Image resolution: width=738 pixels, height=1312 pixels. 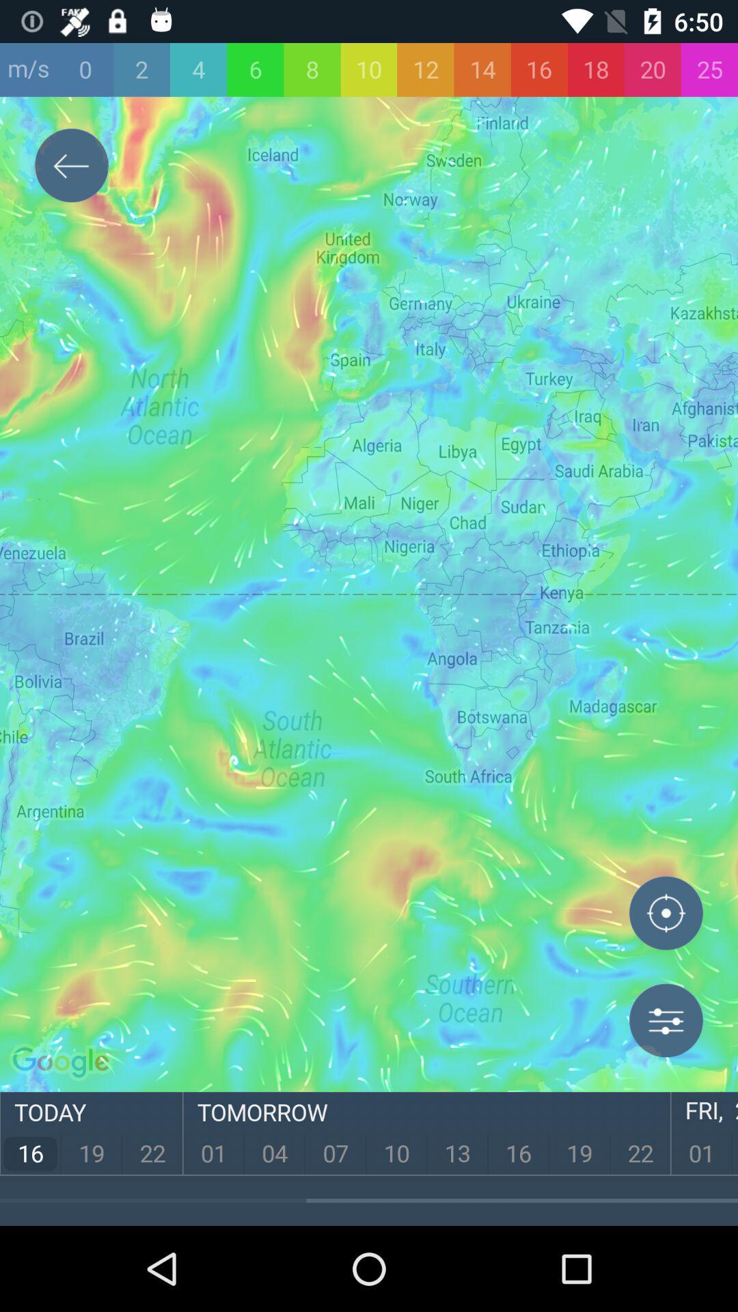 What do you see at coordinates (71, 167) in the screenshot?
I see `the arrow_backward icon` at bounding box center [71, 167].